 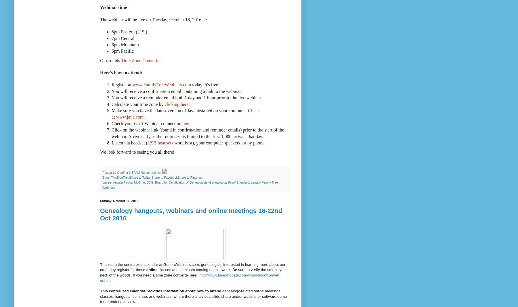 I want to click on 'clicking here', so click(x=176, y=104).